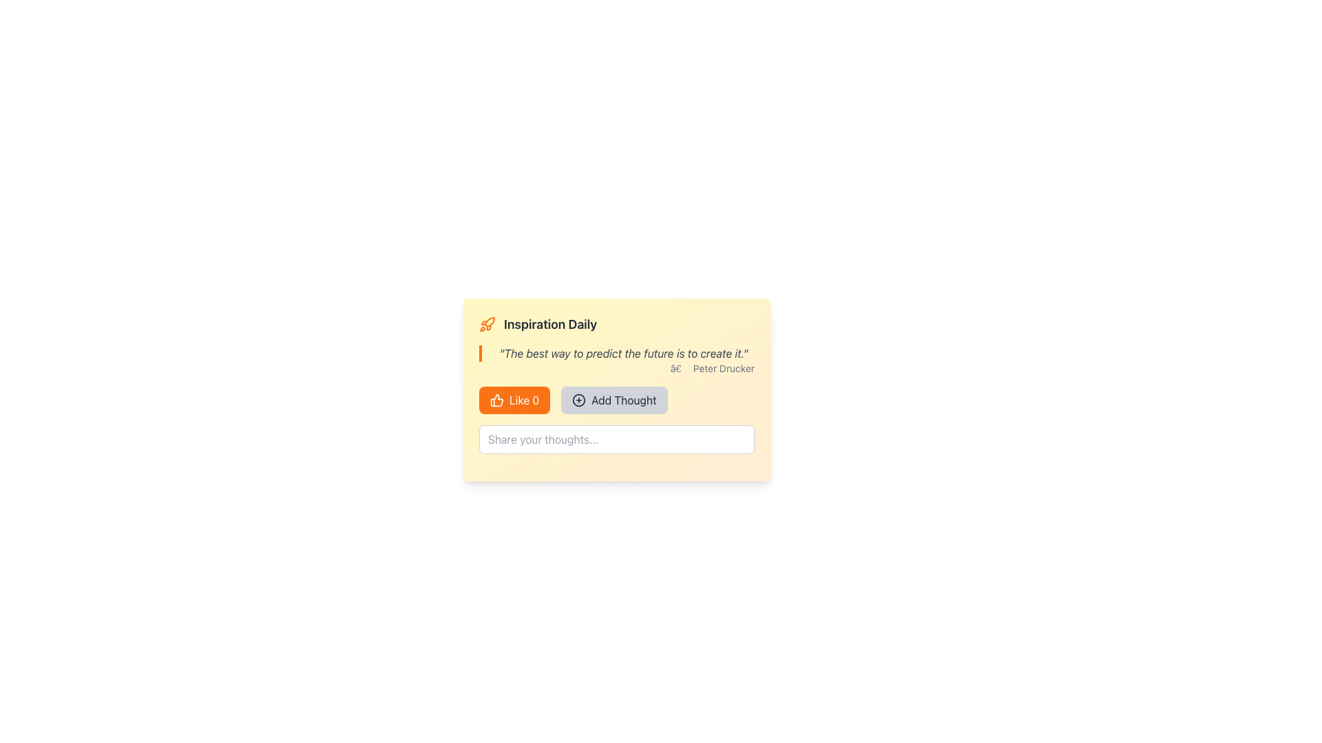 This screenshot has width=1322, height=743. What do you see at coordinates (487, 324) in the screenshot?
I see `the orange rocket-shaped icon located to the far left of the 'Inspiration Daily' heading text` at bounding box center [487, 324].